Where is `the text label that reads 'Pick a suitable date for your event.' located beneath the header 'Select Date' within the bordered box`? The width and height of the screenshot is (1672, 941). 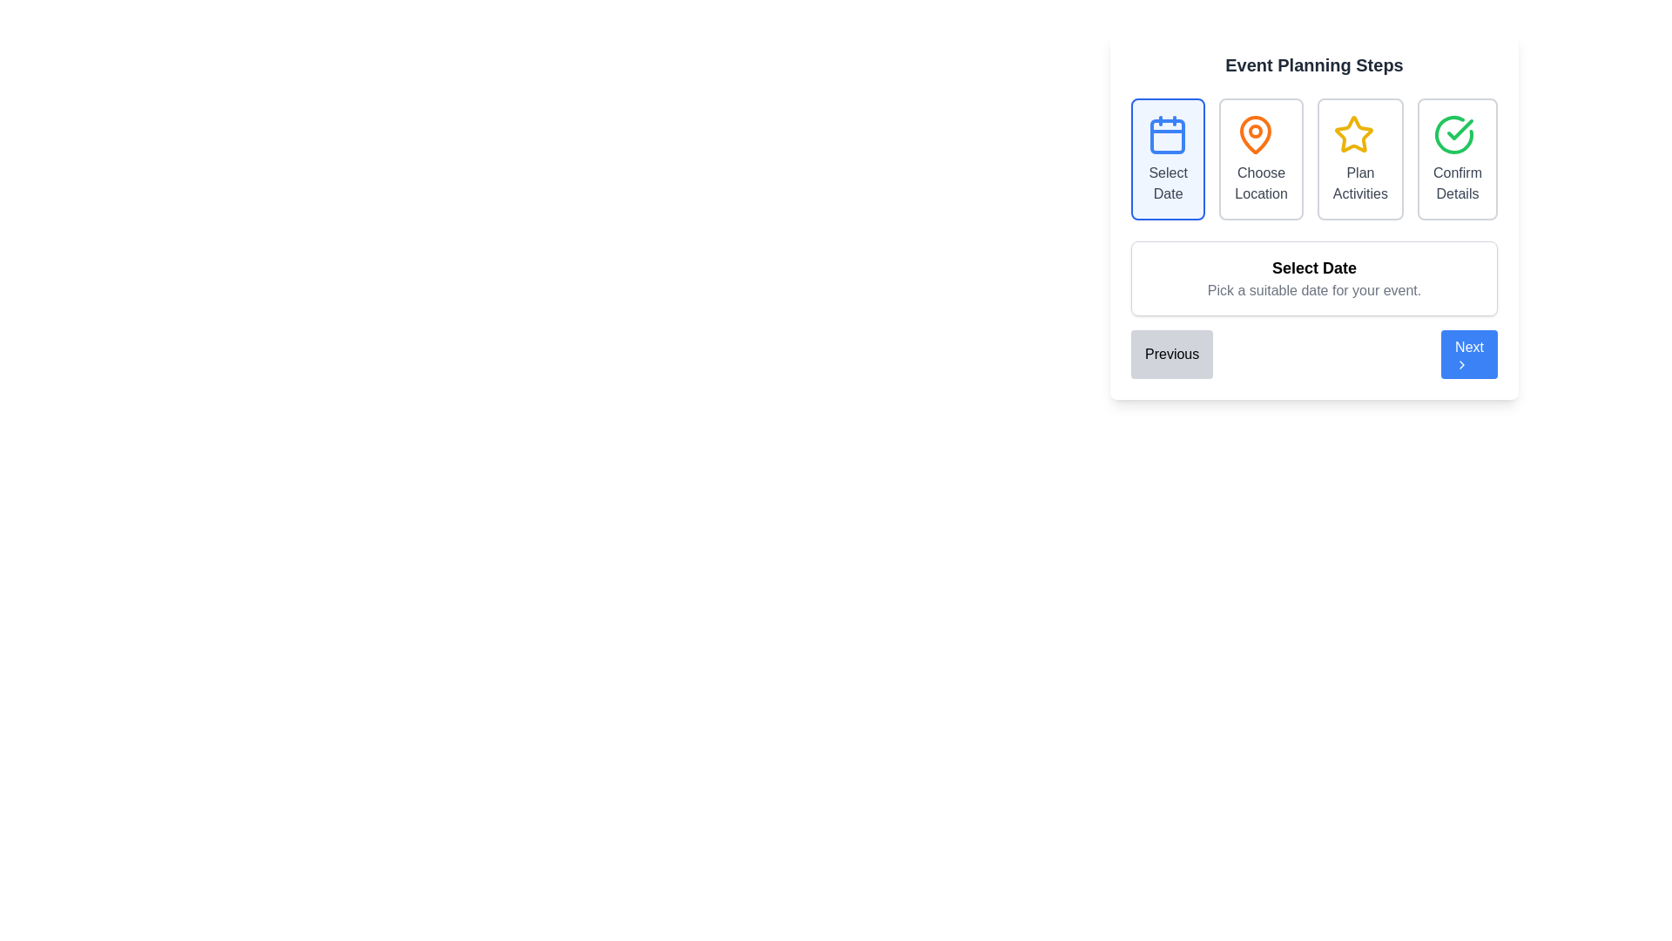 the text label that reads 'Pick a suitable date for your event.' located beneath the header 'Select Date' within the bordered box is located at coordinates (1314, 290).